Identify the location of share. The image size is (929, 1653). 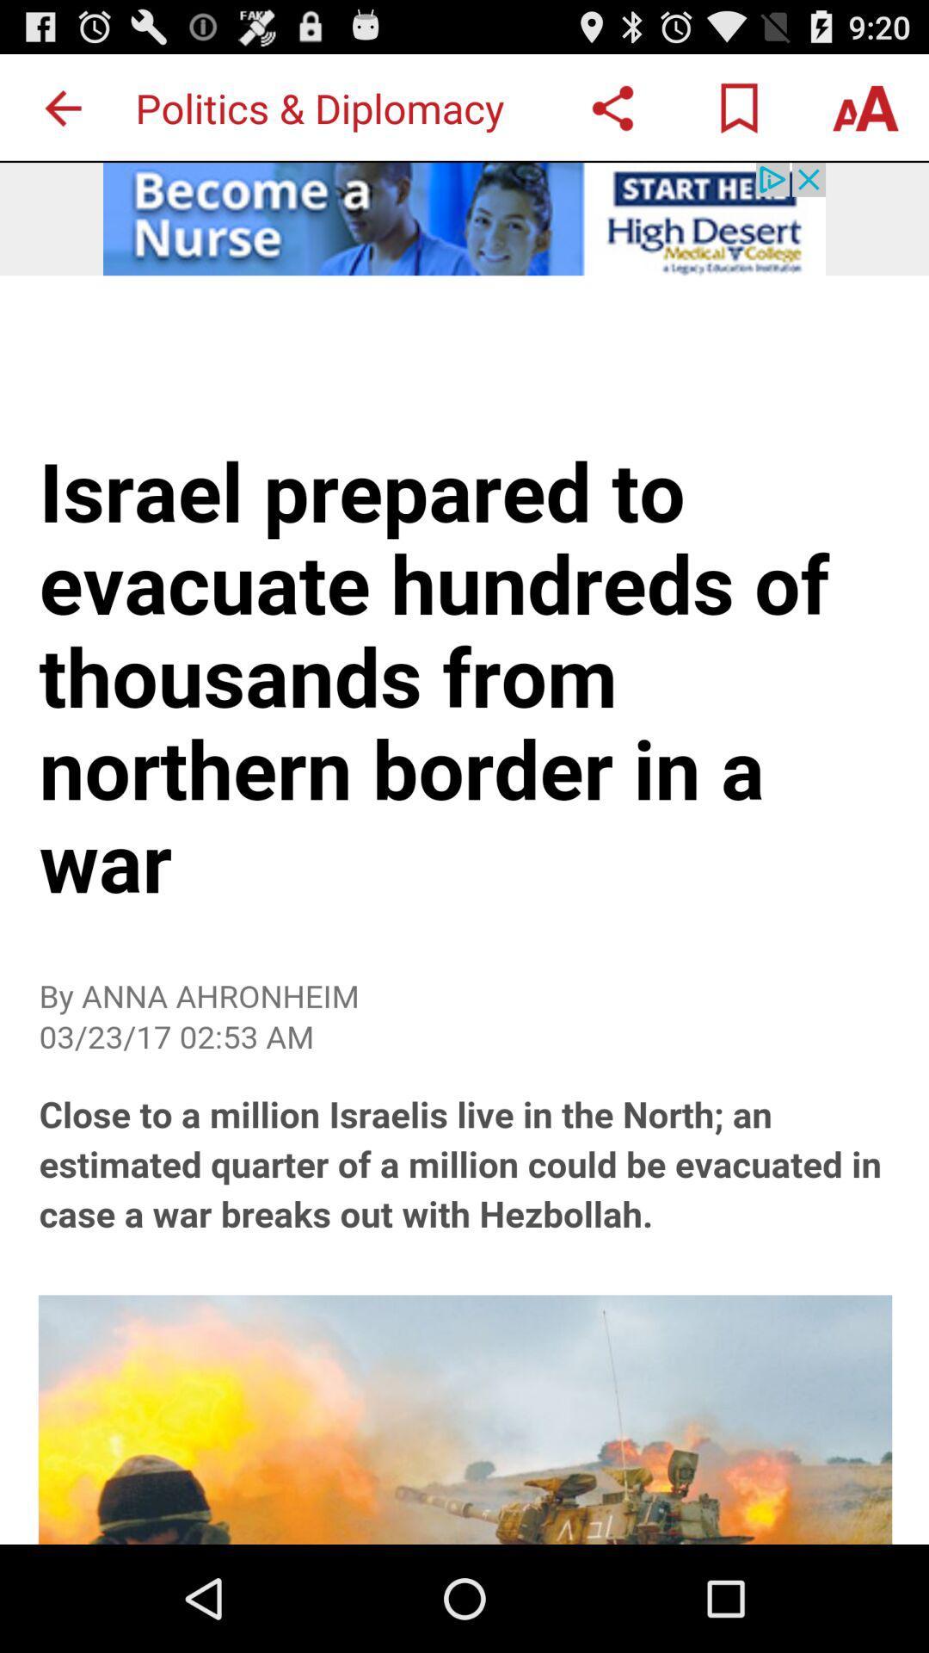
(612, 107).